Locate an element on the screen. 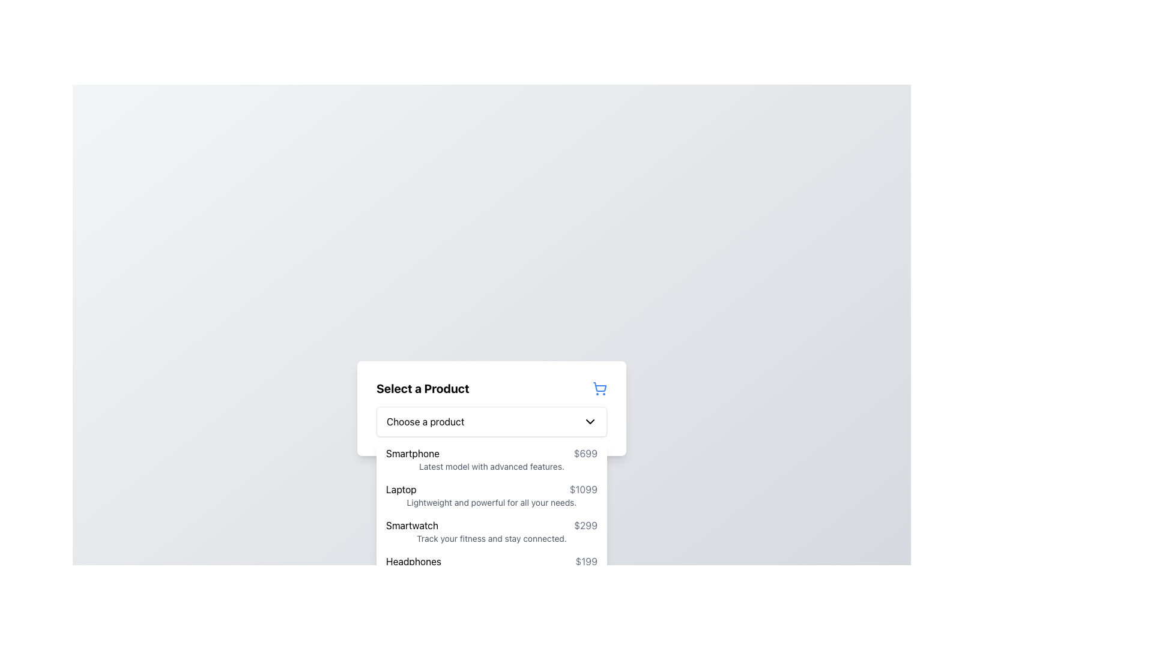  the Dropdown menu for selecting products located under the title 'Select a Product' is located at coordinates (492, 408).